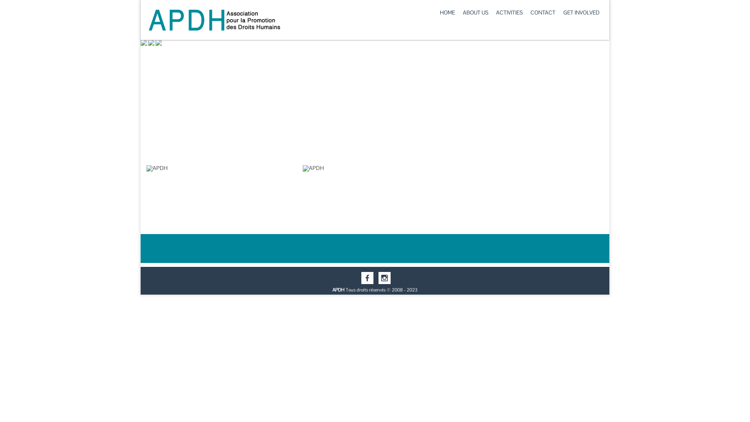  I want to click on 'GET INVOLVED', so click(581, 12).